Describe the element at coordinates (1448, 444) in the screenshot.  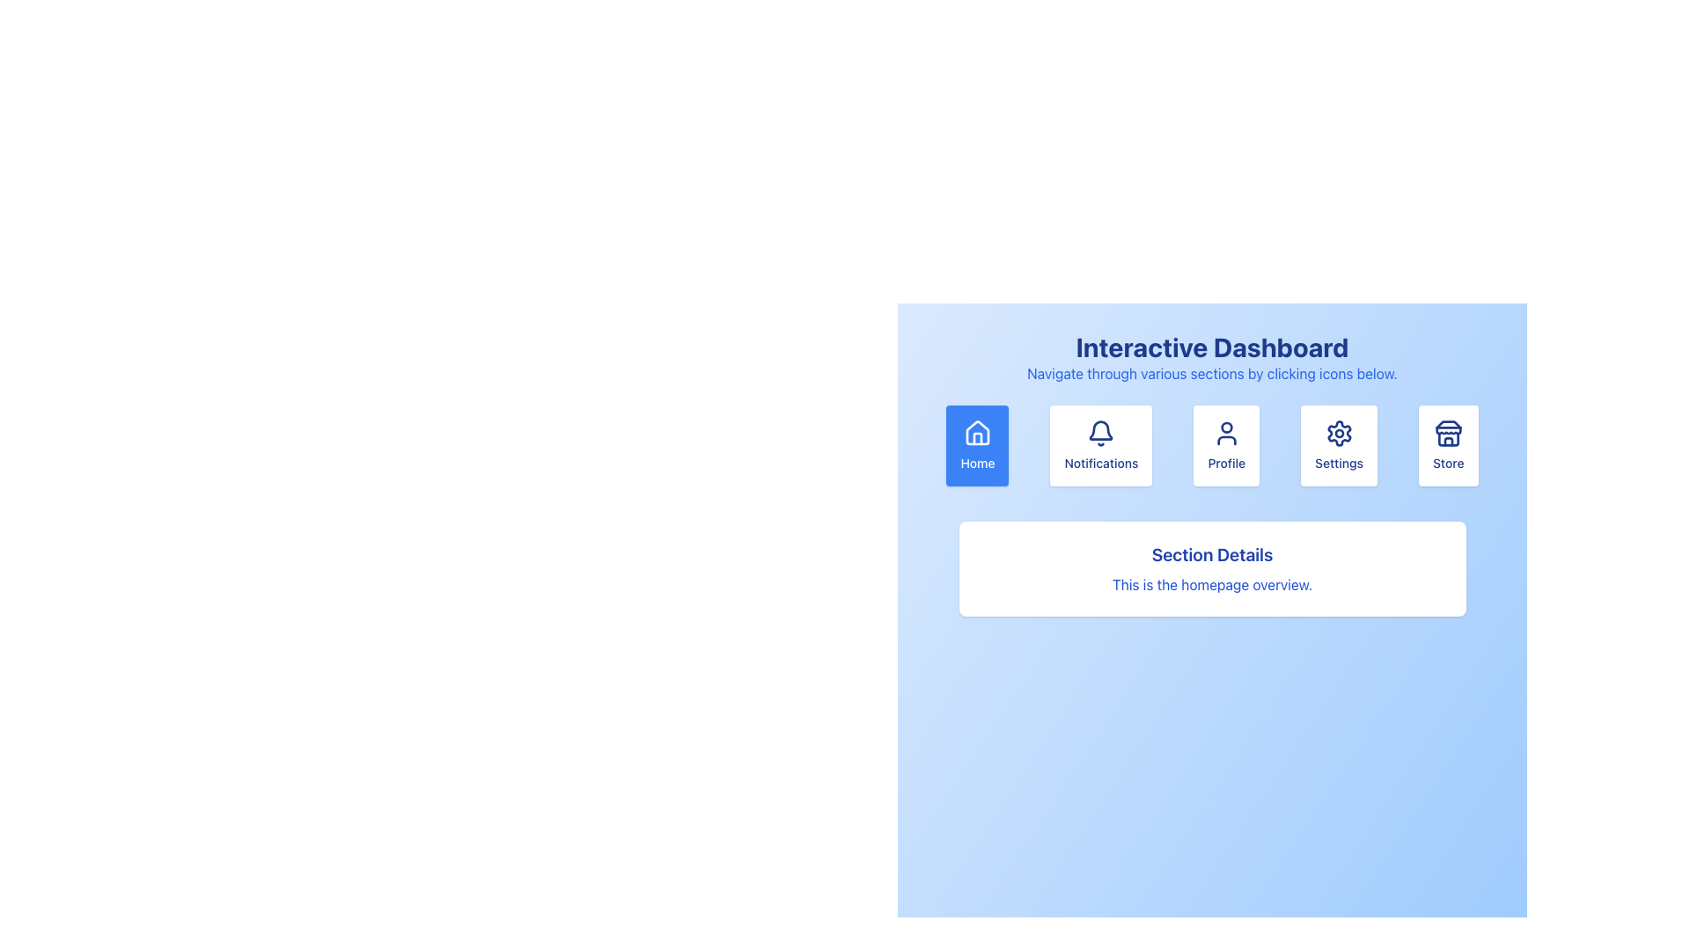
I see `the navigation button located at the rightmost position of the horizontal cluster of five card-like elements under the 'Interactive Dashboard' title` at that location.